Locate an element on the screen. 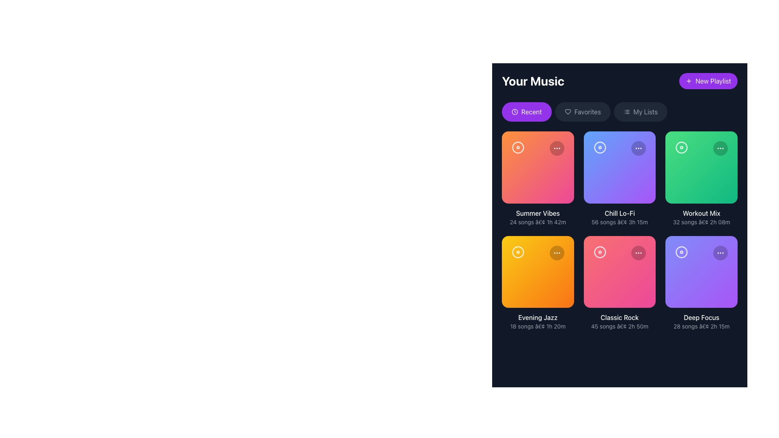 This screenshot has width=779, height=438. the circular button with three horizontal dots in the top-right corner of the 'Classic Rock' card is located at coordinates (638, 252).